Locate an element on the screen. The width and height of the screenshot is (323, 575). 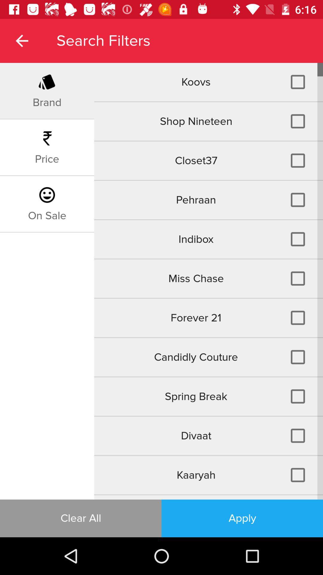
item above miss chase is located at coordinates (47, 216).